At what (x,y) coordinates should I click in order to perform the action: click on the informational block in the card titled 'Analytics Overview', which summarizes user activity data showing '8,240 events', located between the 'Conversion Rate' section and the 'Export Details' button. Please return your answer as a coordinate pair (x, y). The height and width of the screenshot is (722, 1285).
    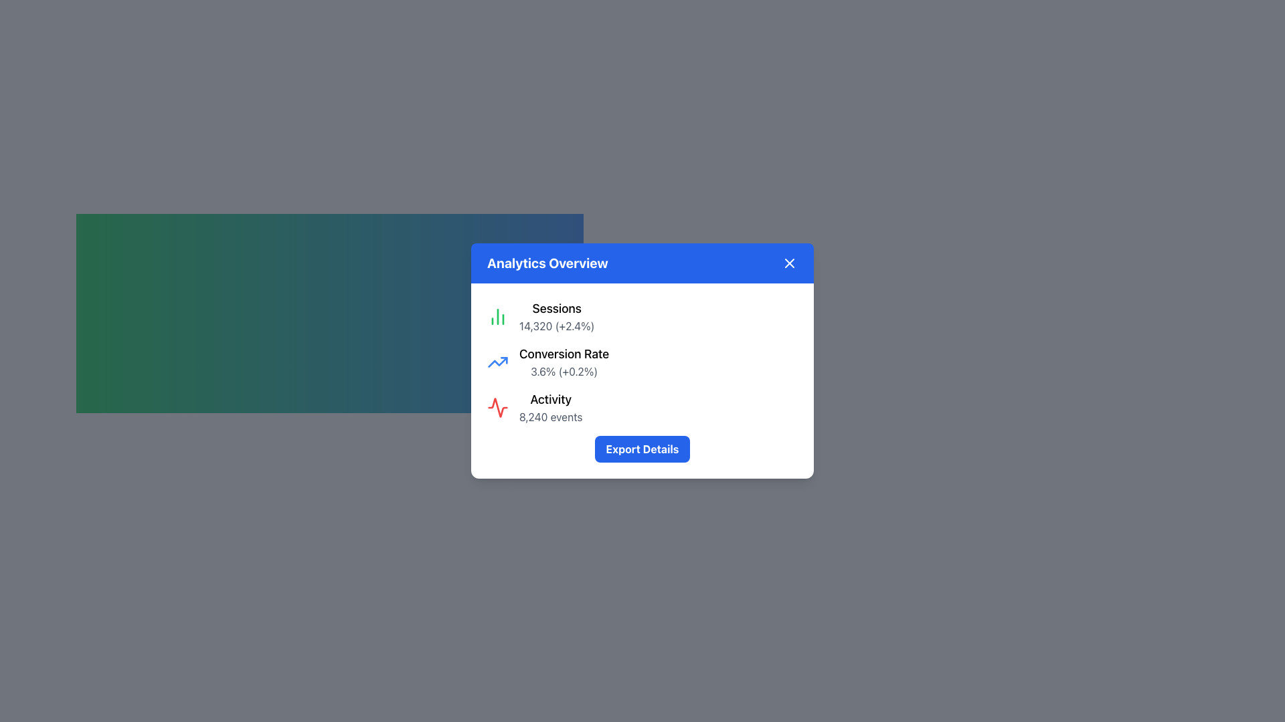
    Looking at the image, I should click on (642, 406).